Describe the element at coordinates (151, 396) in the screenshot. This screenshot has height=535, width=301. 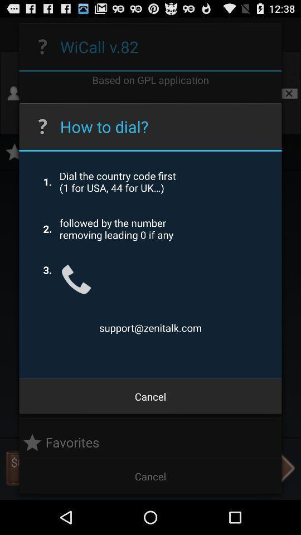
I see `app below the support@zenitalk.com app` at that location.